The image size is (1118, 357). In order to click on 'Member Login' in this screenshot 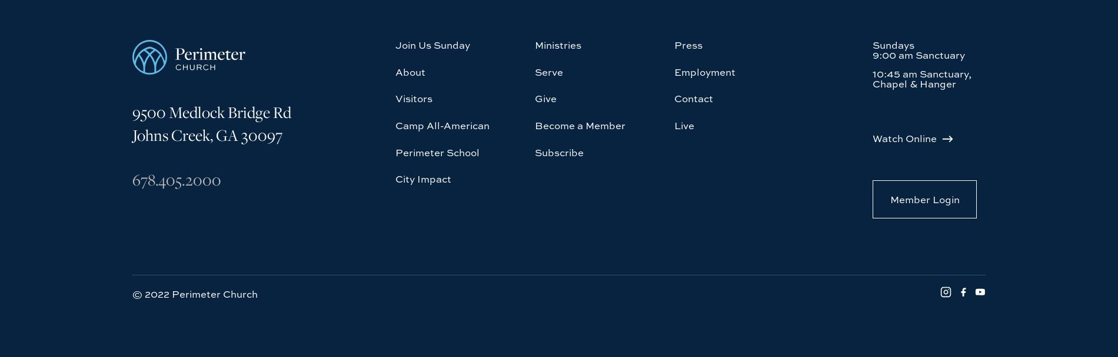, I will do `click(924, 92)`.